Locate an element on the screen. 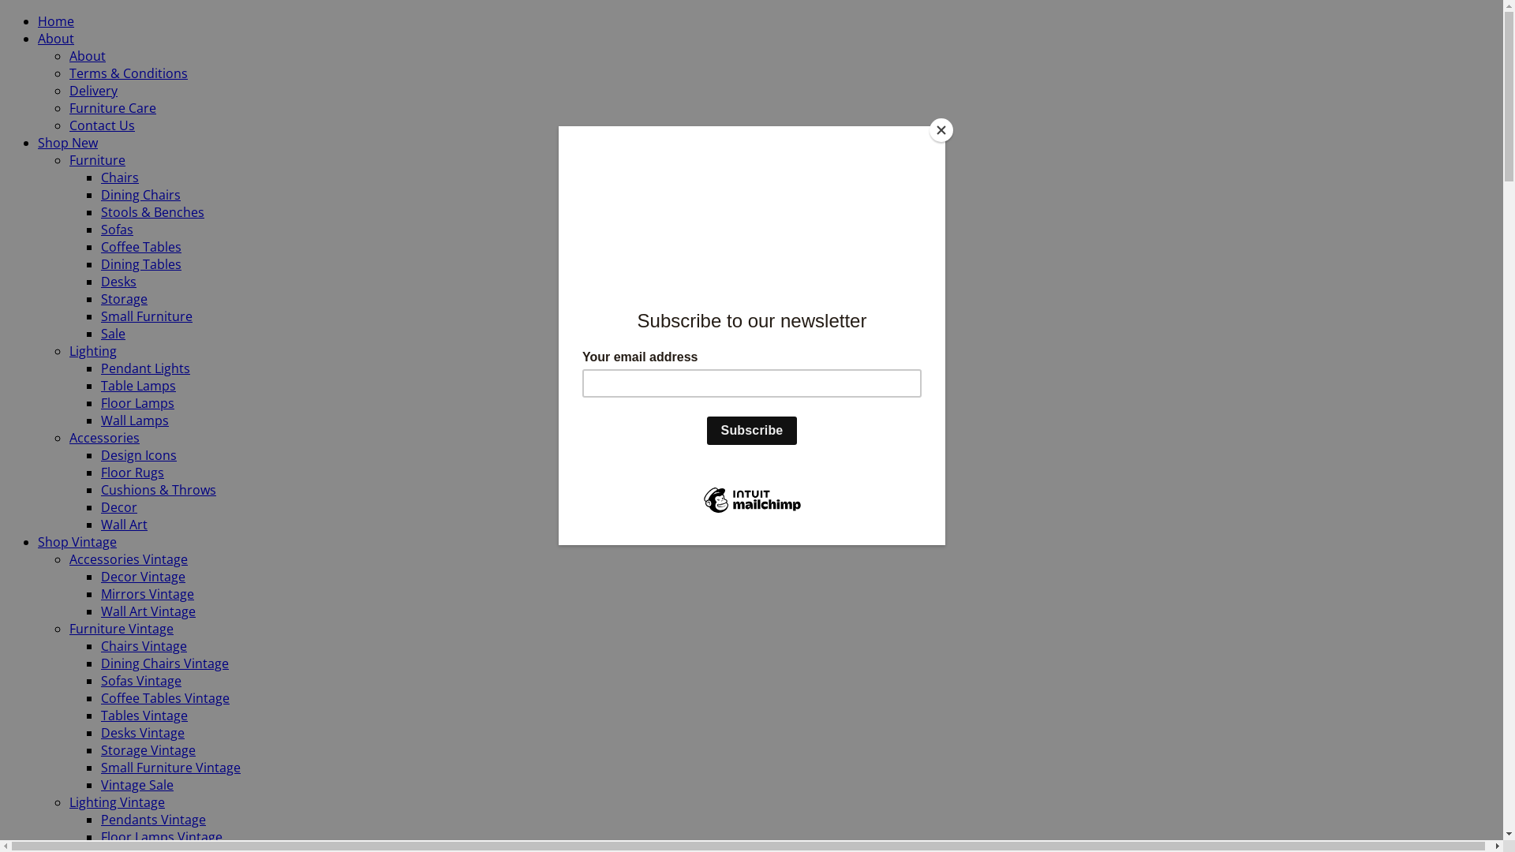 The height and width of the screenshot is (852, 1515). 'Vintage Sale' is located at coordinates (100, 785).